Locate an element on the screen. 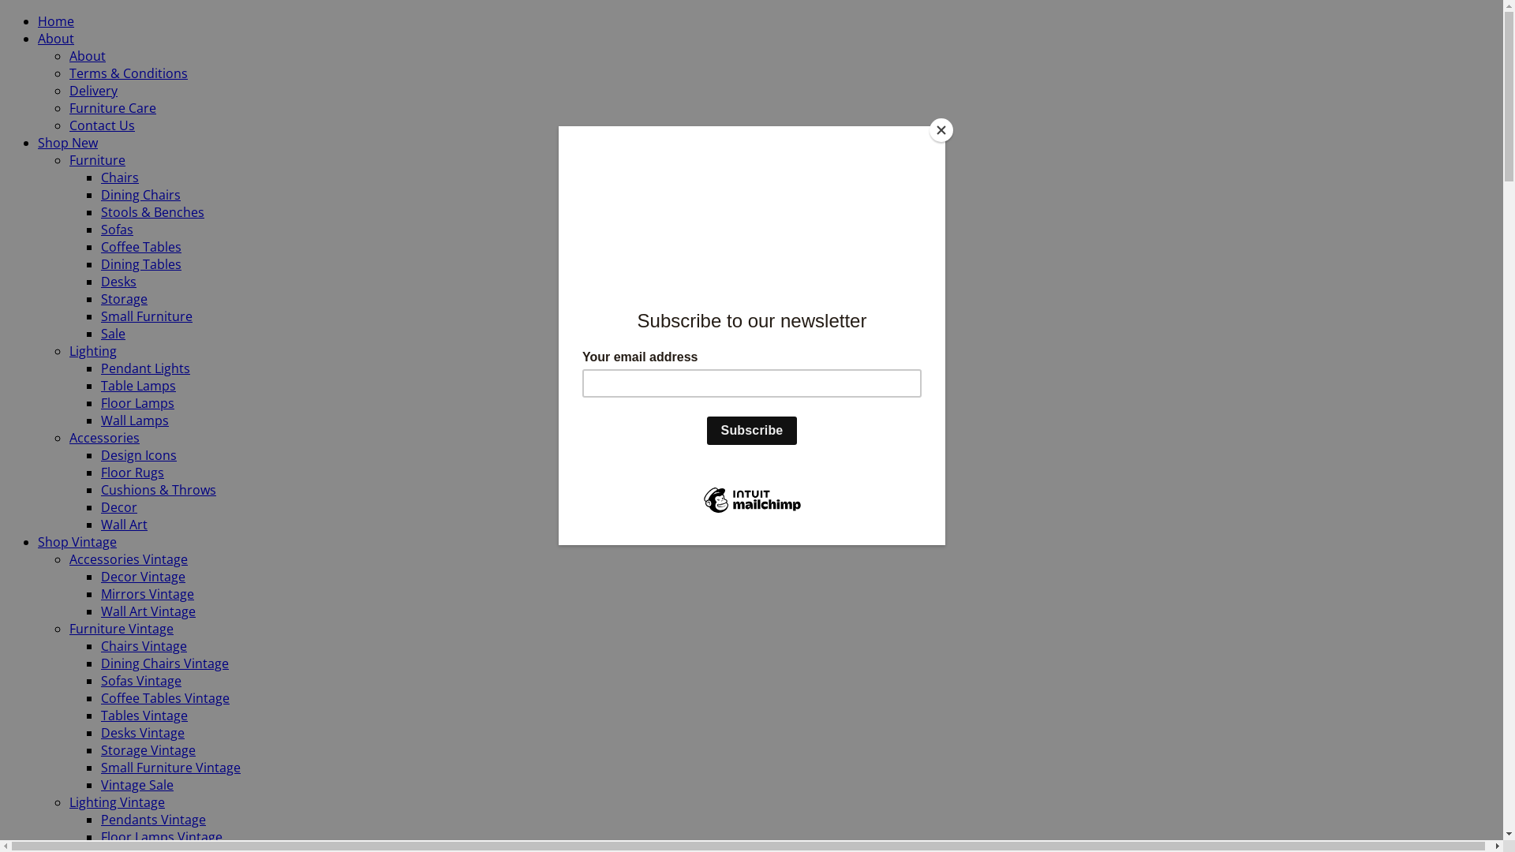 The height and width of the screenshot is (852, 1515). 'Vintage Sale' is located at coordinates (100, 785).